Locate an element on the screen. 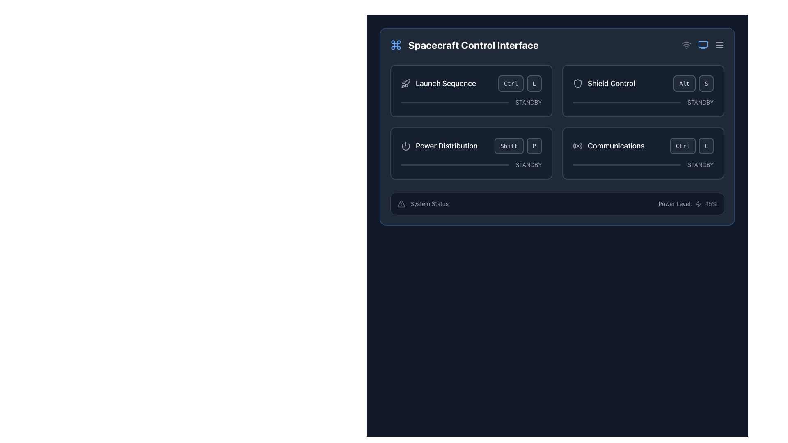  the small lightning bolt icon located in the bottom right corner of the interface, near the 'Power Level' text is located at coordinates (698, 203).